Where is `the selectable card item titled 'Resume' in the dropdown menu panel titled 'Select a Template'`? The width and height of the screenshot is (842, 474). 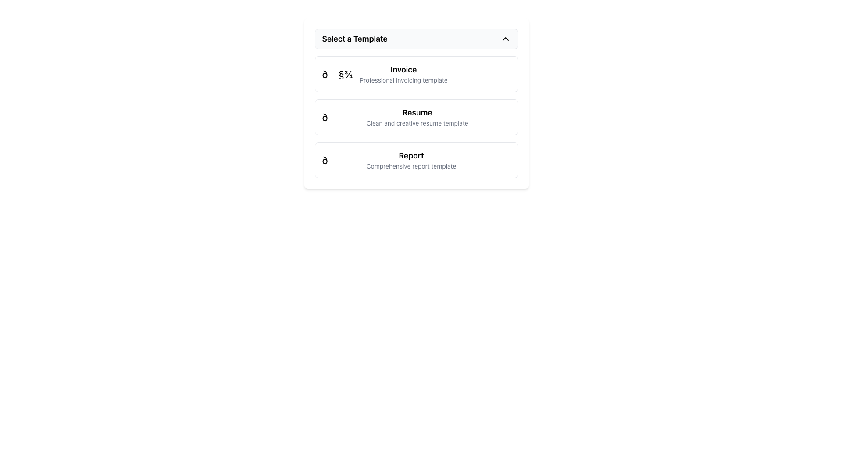 the selectable card item titled 'Resume' in the dropdown menu panel titled 'Select a Template' is located at coordinates (416, 116).